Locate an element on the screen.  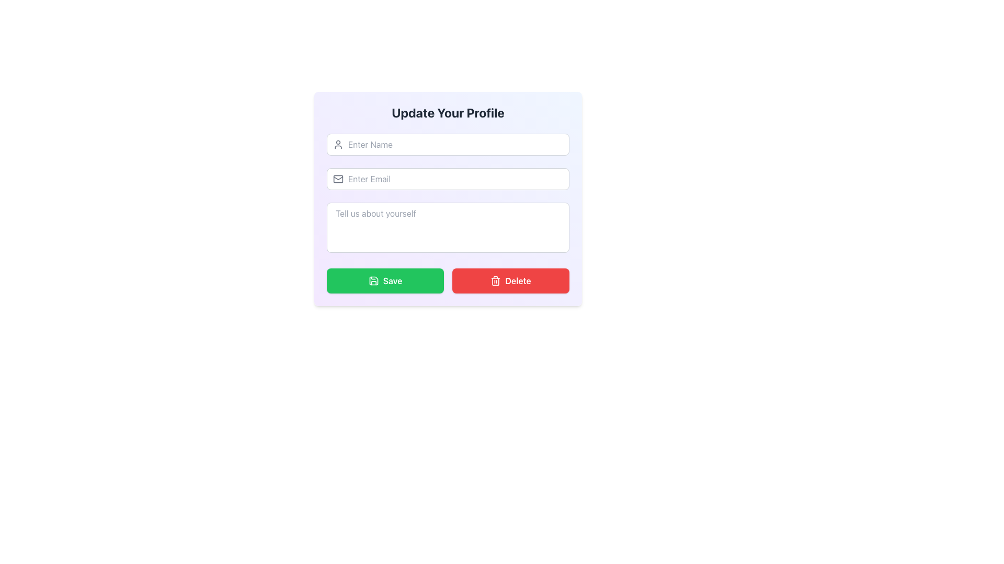
the deletion button located at the bottom right of the 'Update Your Profile' form is located at coordinates (511, 280).